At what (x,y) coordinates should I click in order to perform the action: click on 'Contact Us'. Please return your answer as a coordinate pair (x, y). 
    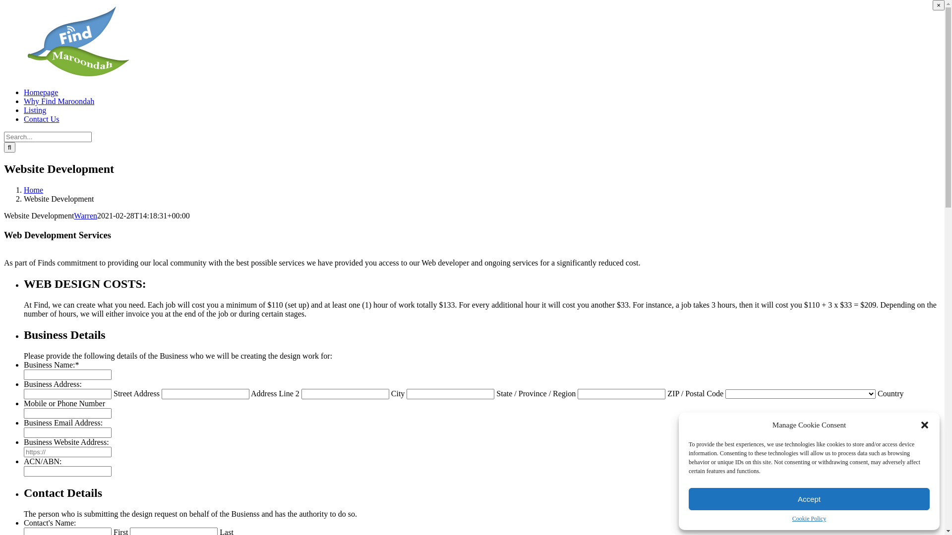
    Looking at the image, I should click on (41, 118).